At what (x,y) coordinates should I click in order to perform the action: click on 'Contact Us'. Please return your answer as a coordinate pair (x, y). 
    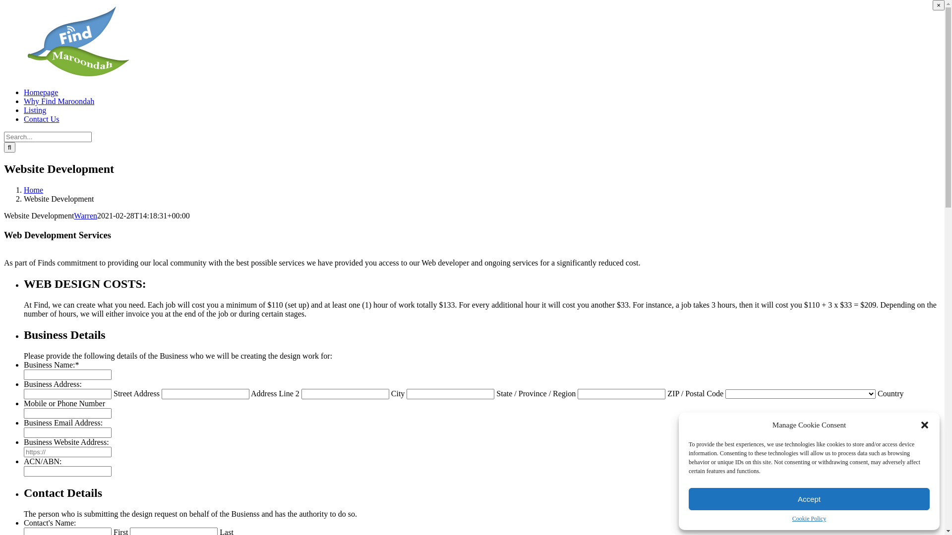
    Looking at the image, I should click on (41, 118).